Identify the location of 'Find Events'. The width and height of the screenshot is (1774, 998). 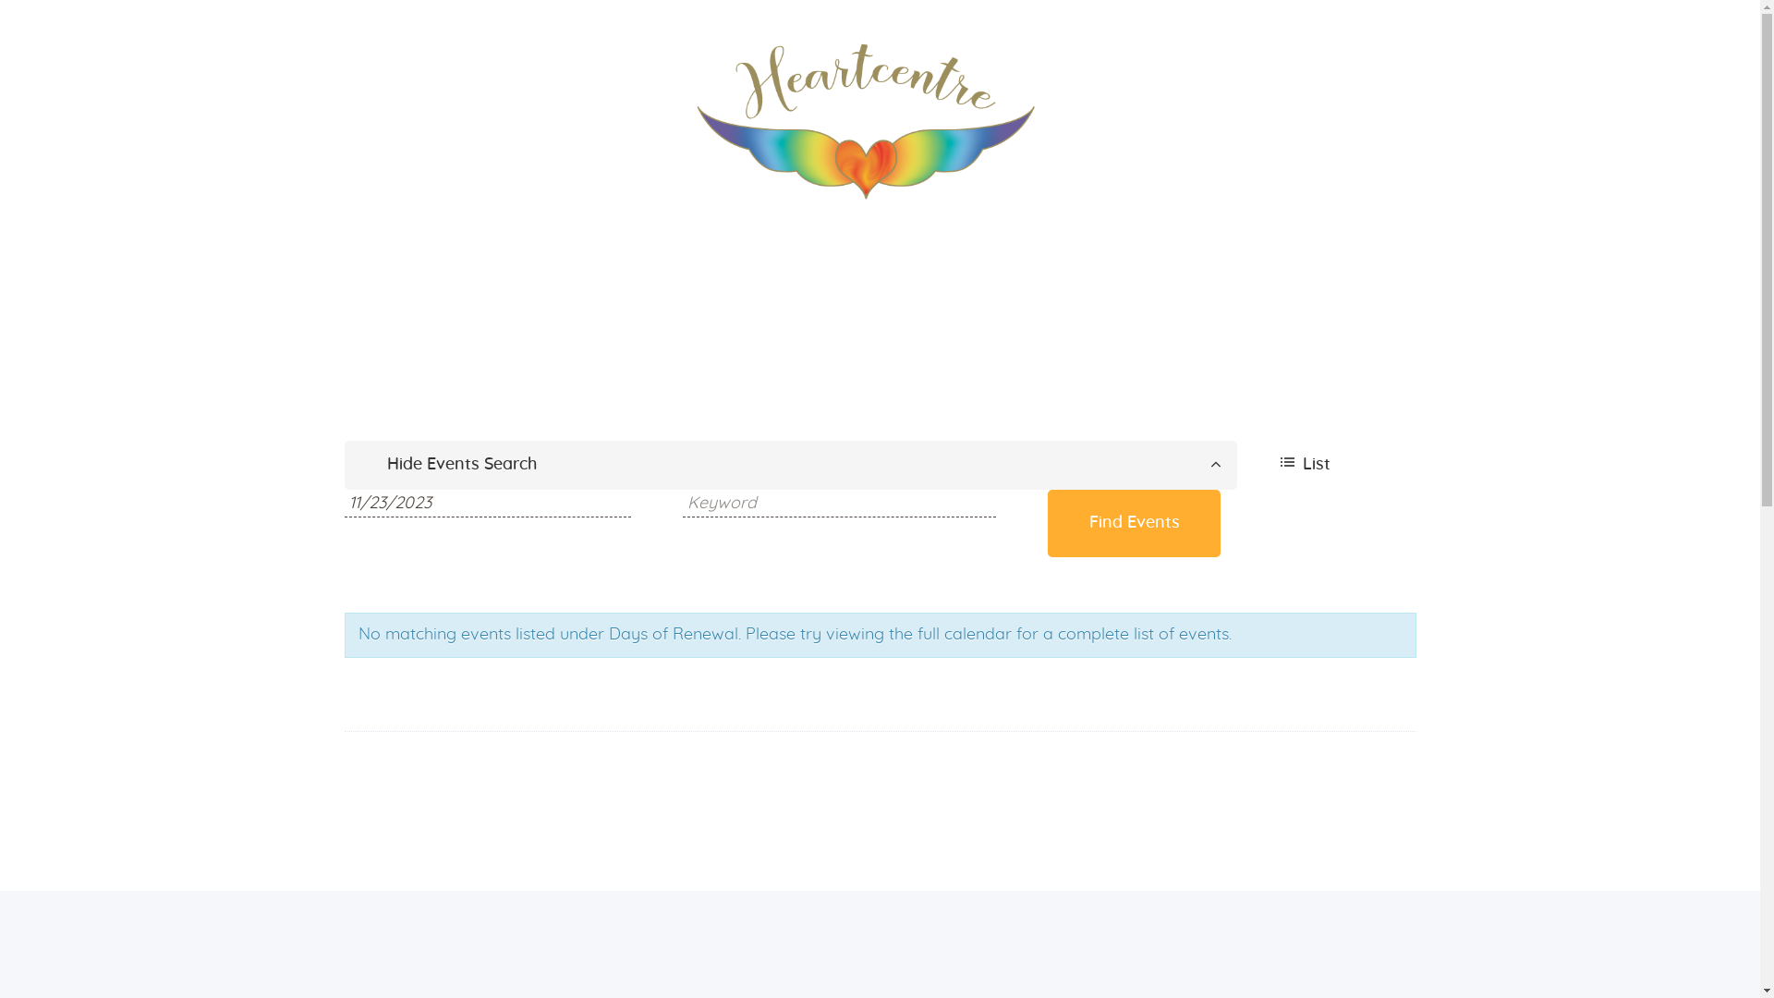
(1133, 523).